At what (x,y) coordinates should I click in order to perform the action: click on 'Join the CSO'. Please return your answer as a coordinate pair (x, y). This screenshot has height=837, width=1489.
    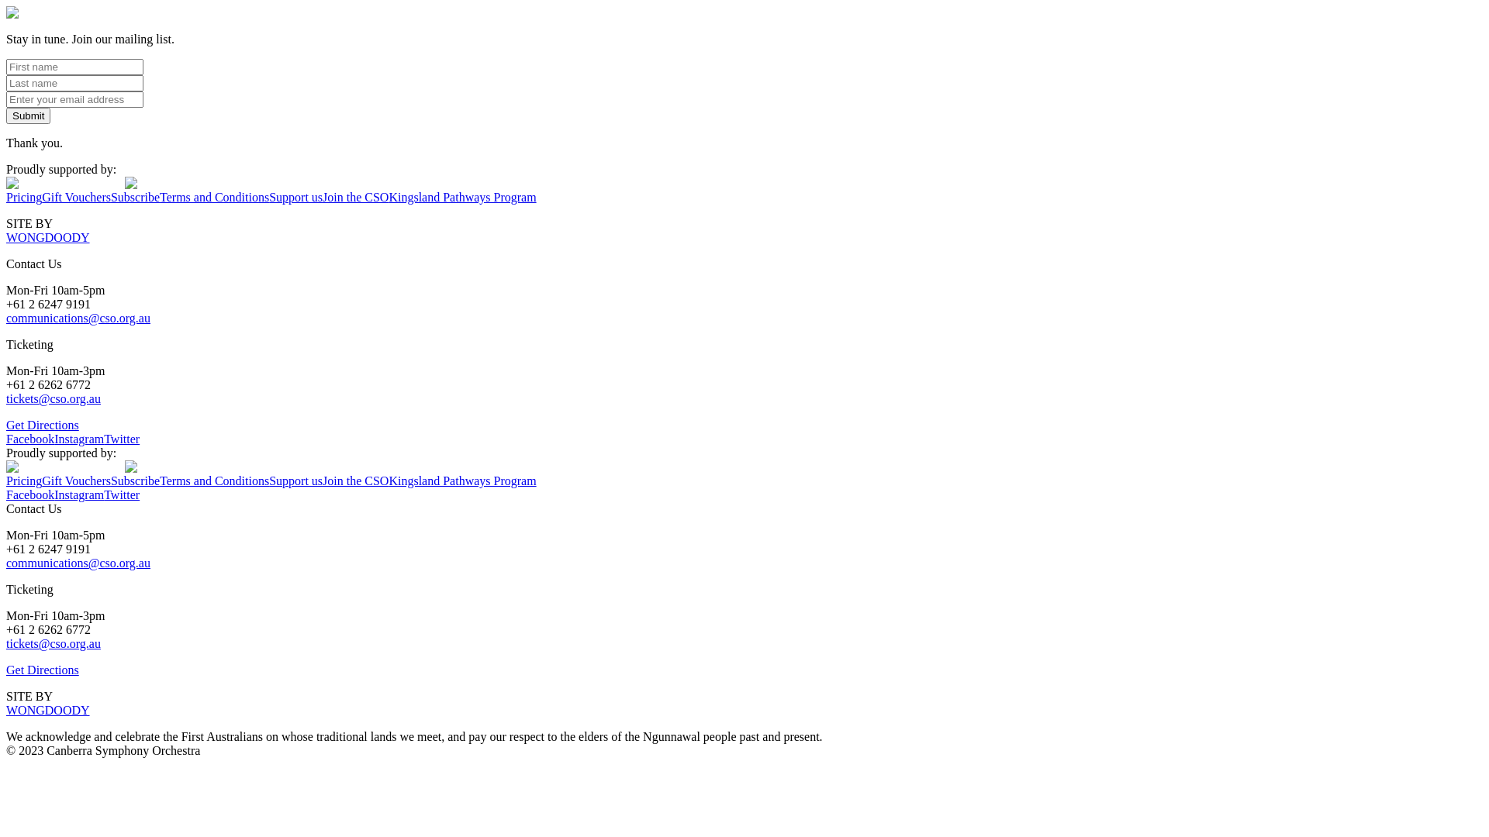
    Looking at the image, I should click on (322, 196).